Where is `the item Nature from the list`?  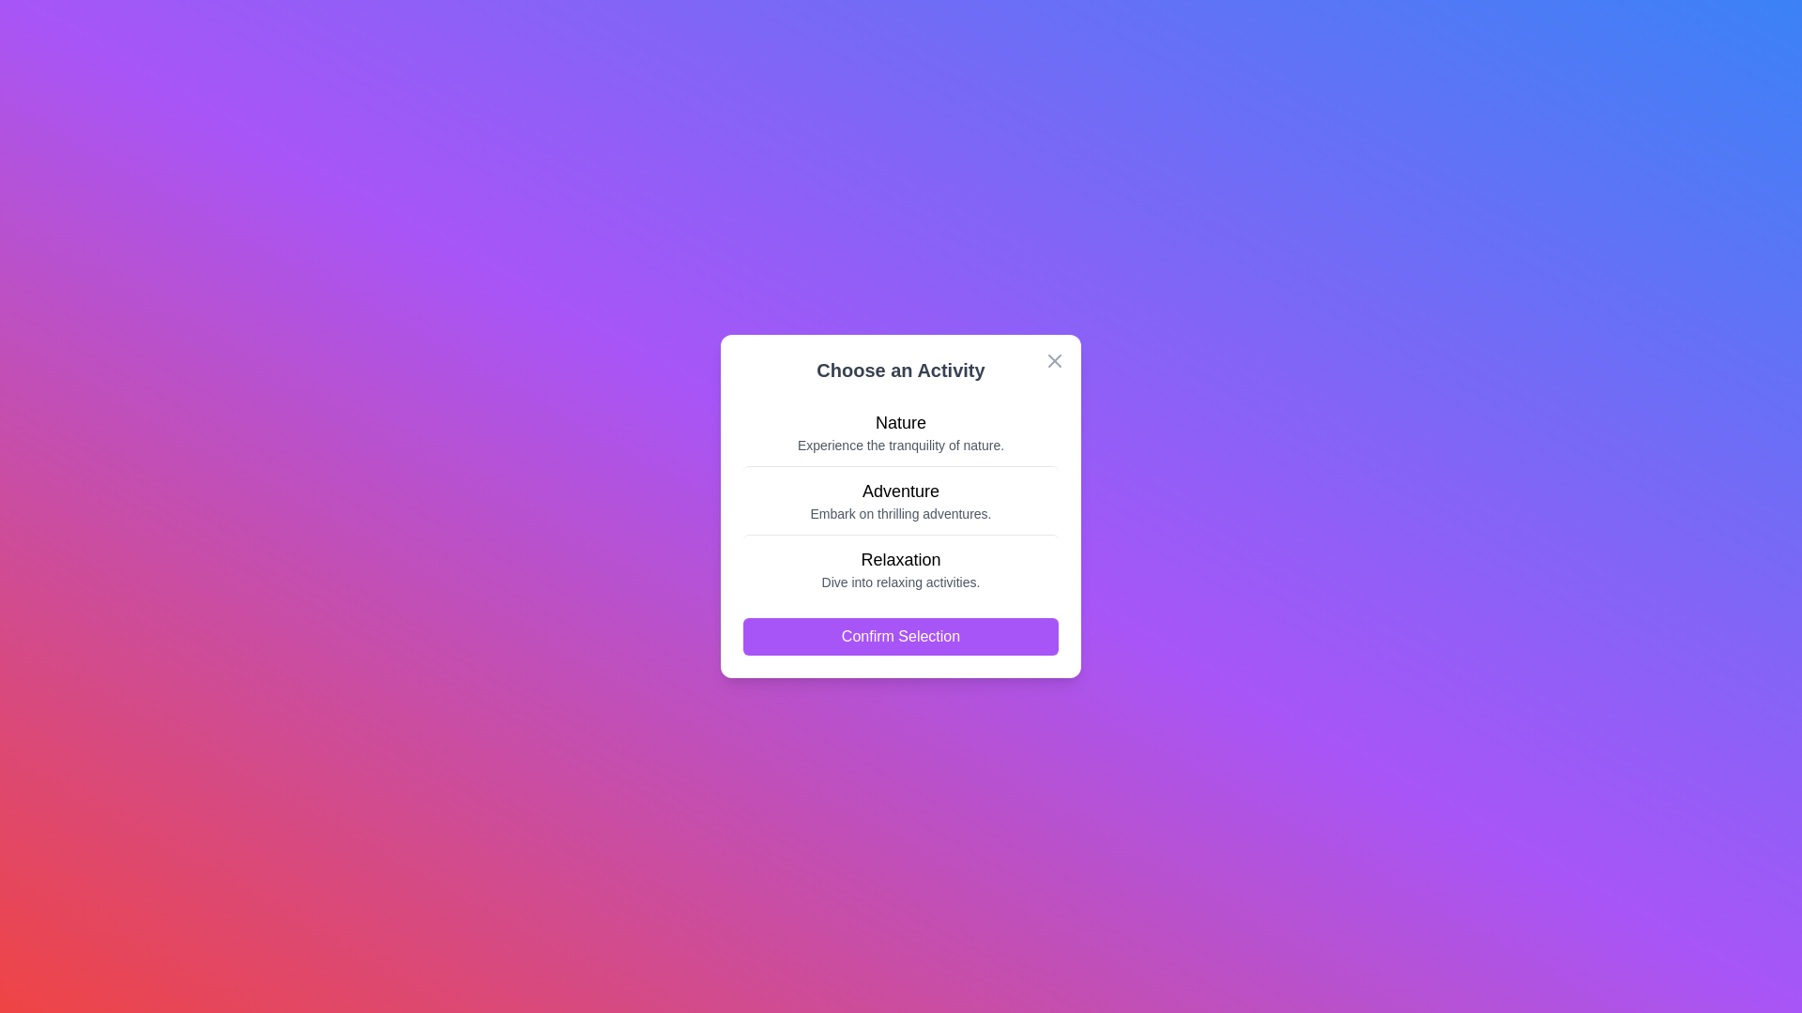 the item Nature from the list is located at coordinates (901, 432).